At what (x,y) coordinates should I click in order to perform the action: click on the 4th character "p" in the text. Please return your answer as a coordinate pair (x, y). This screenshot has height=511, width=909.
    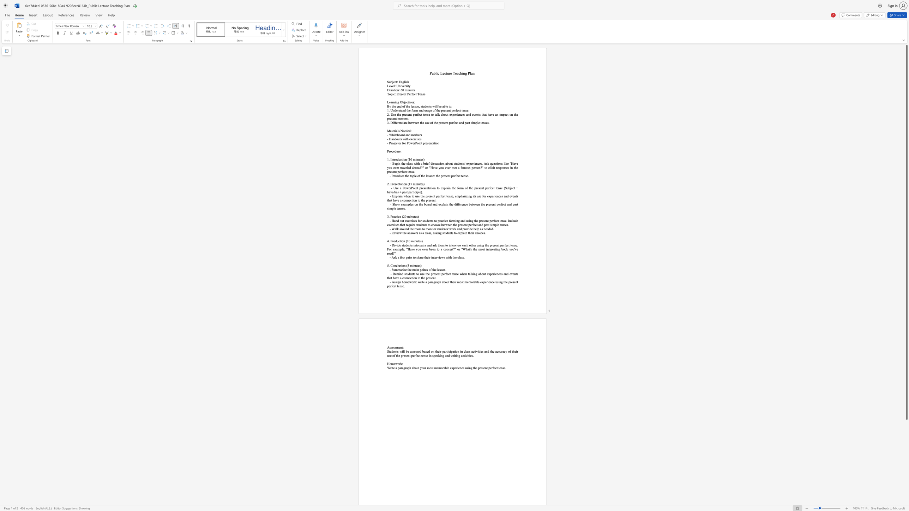
    Looking at the image, I should click on (478, 367).